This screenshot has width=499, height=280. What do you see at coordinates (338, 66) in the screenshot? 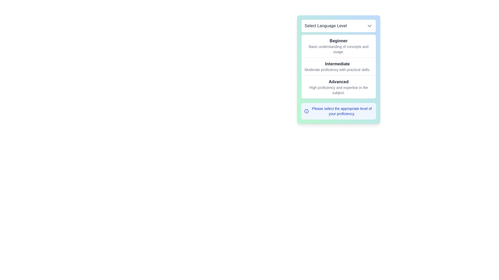
I see `the Option list for selecting a language proficiency level, located under the 'Select Language Level' header` at bounding box center [338, 66].